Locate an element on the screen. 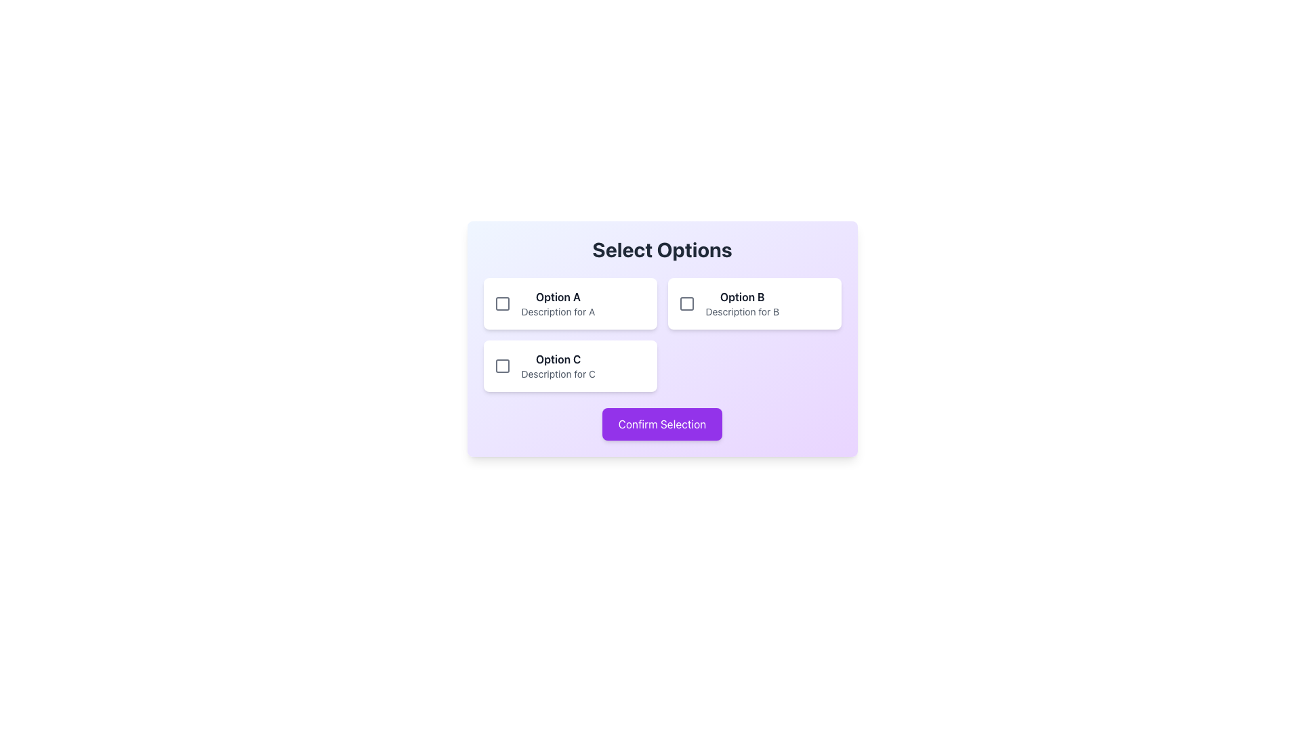  the graphical checkbox state indicator located in the left checkbox of the 'Option A' selection, which is a square-shaped component with rounded corners is located at coordinates (501, 303).